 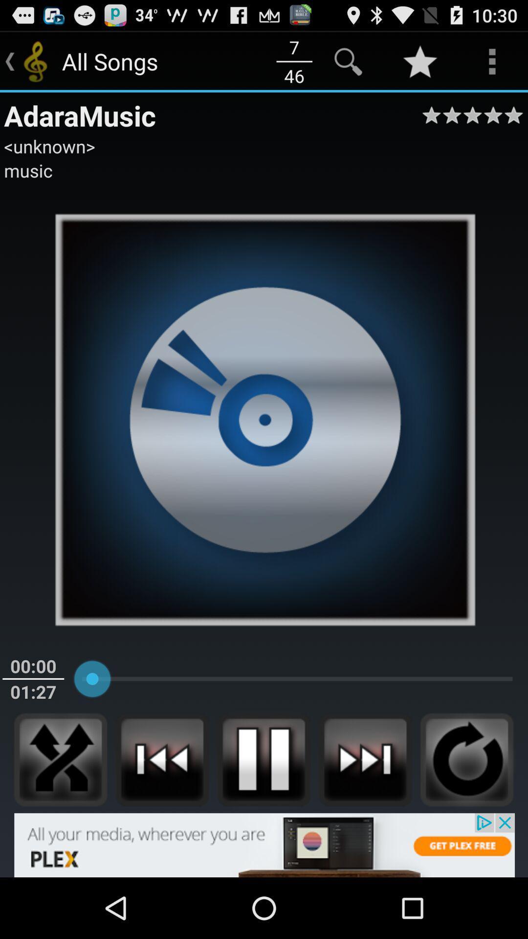 I want to click on music, so click(x=27, y=171).